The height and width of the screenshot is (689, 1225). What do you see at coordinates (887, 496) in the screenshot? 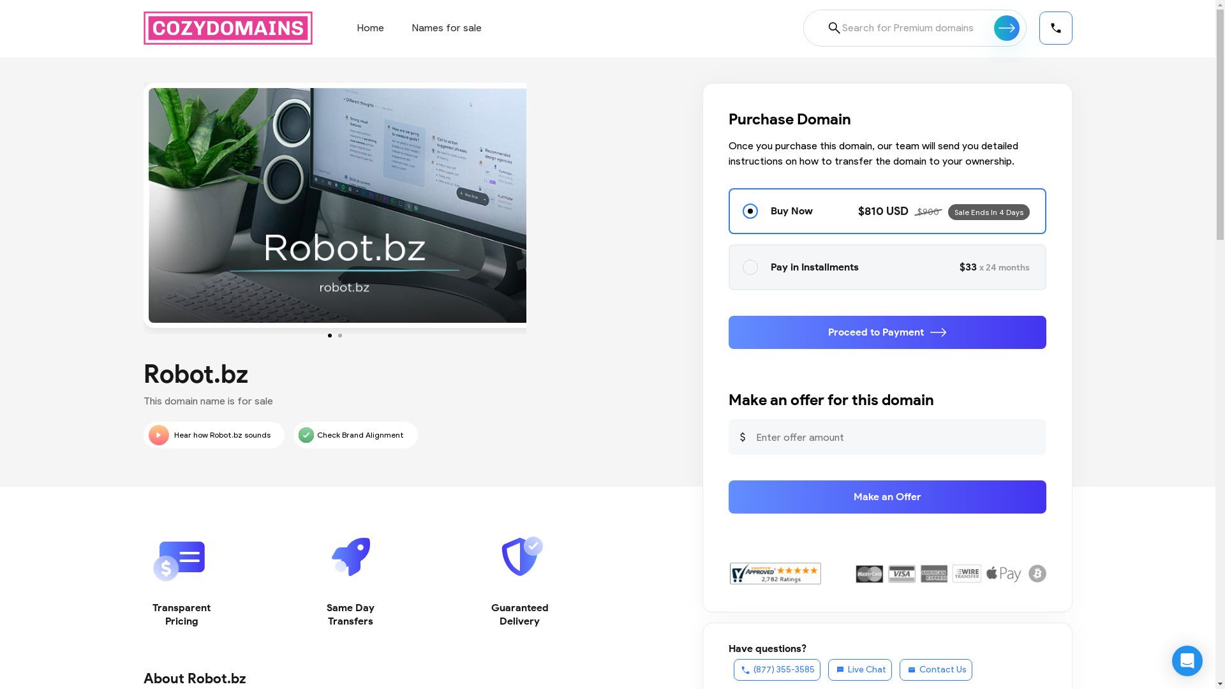
I see `'Make an Offer'` at bounding box center [887, 496].